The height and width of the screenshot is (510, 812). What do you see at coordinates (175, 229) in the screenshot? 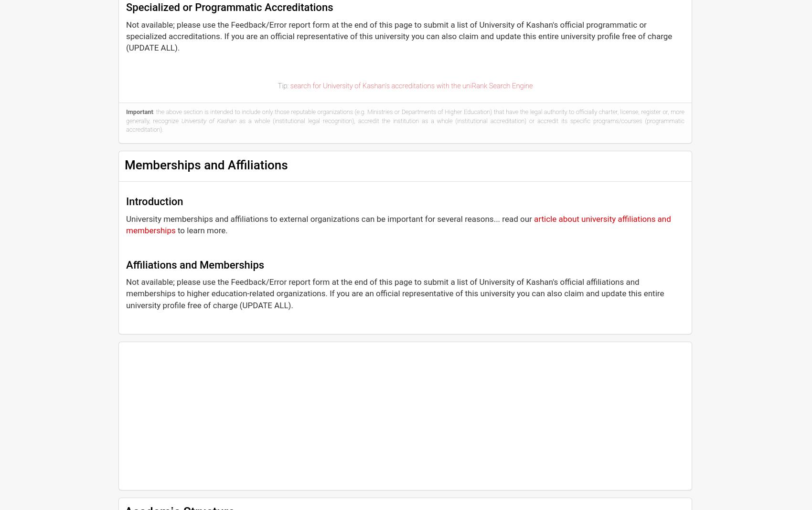
I see `'to learn more.'` at bounding box center [175, 229].